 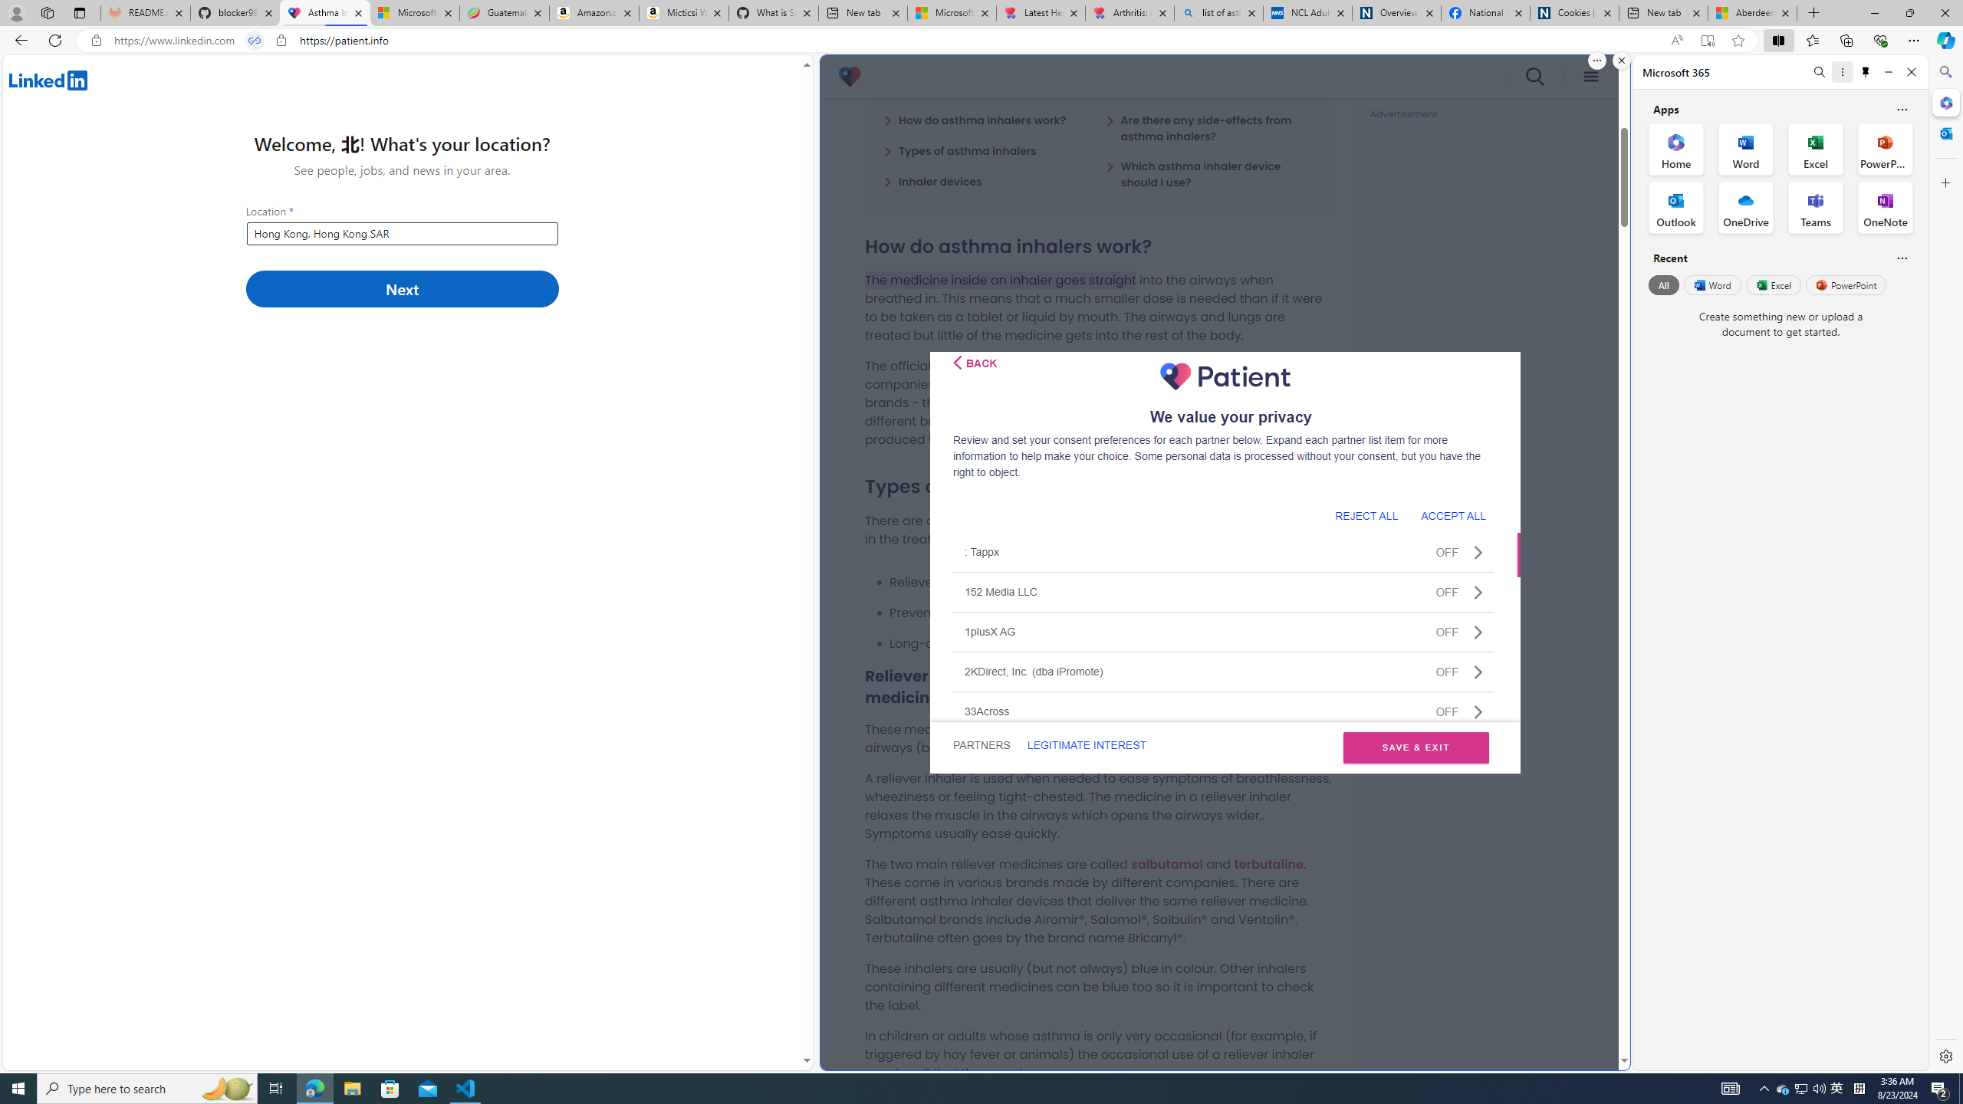 I want to click on 'Aberdeen, Hong Kong SAR hourly forecast | Microsoft Weather', so click(x=1753, y=12).